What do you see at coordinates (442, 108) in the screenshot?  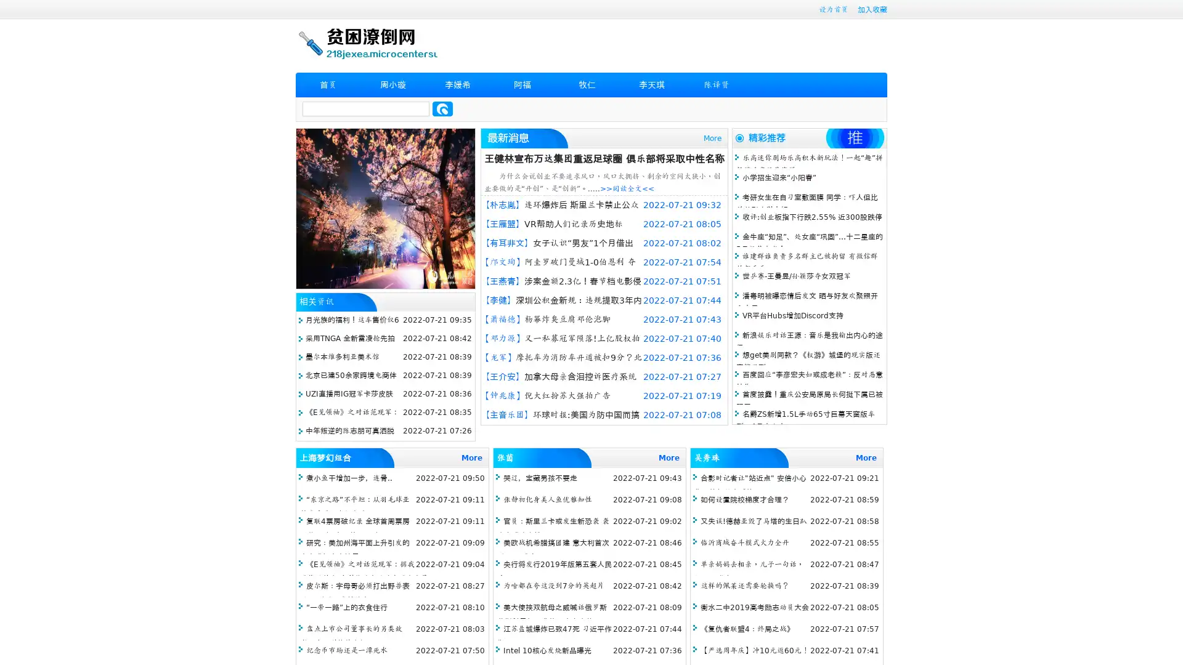 I see `Search` at bounding box center [442, 108].